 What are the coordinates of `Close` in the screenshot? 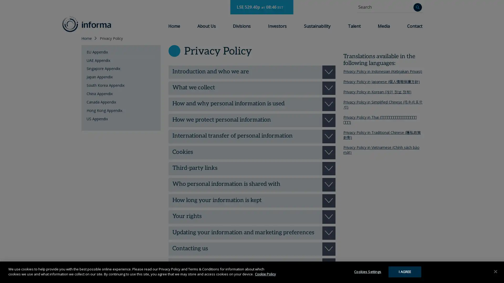 It's located at (495, 271).